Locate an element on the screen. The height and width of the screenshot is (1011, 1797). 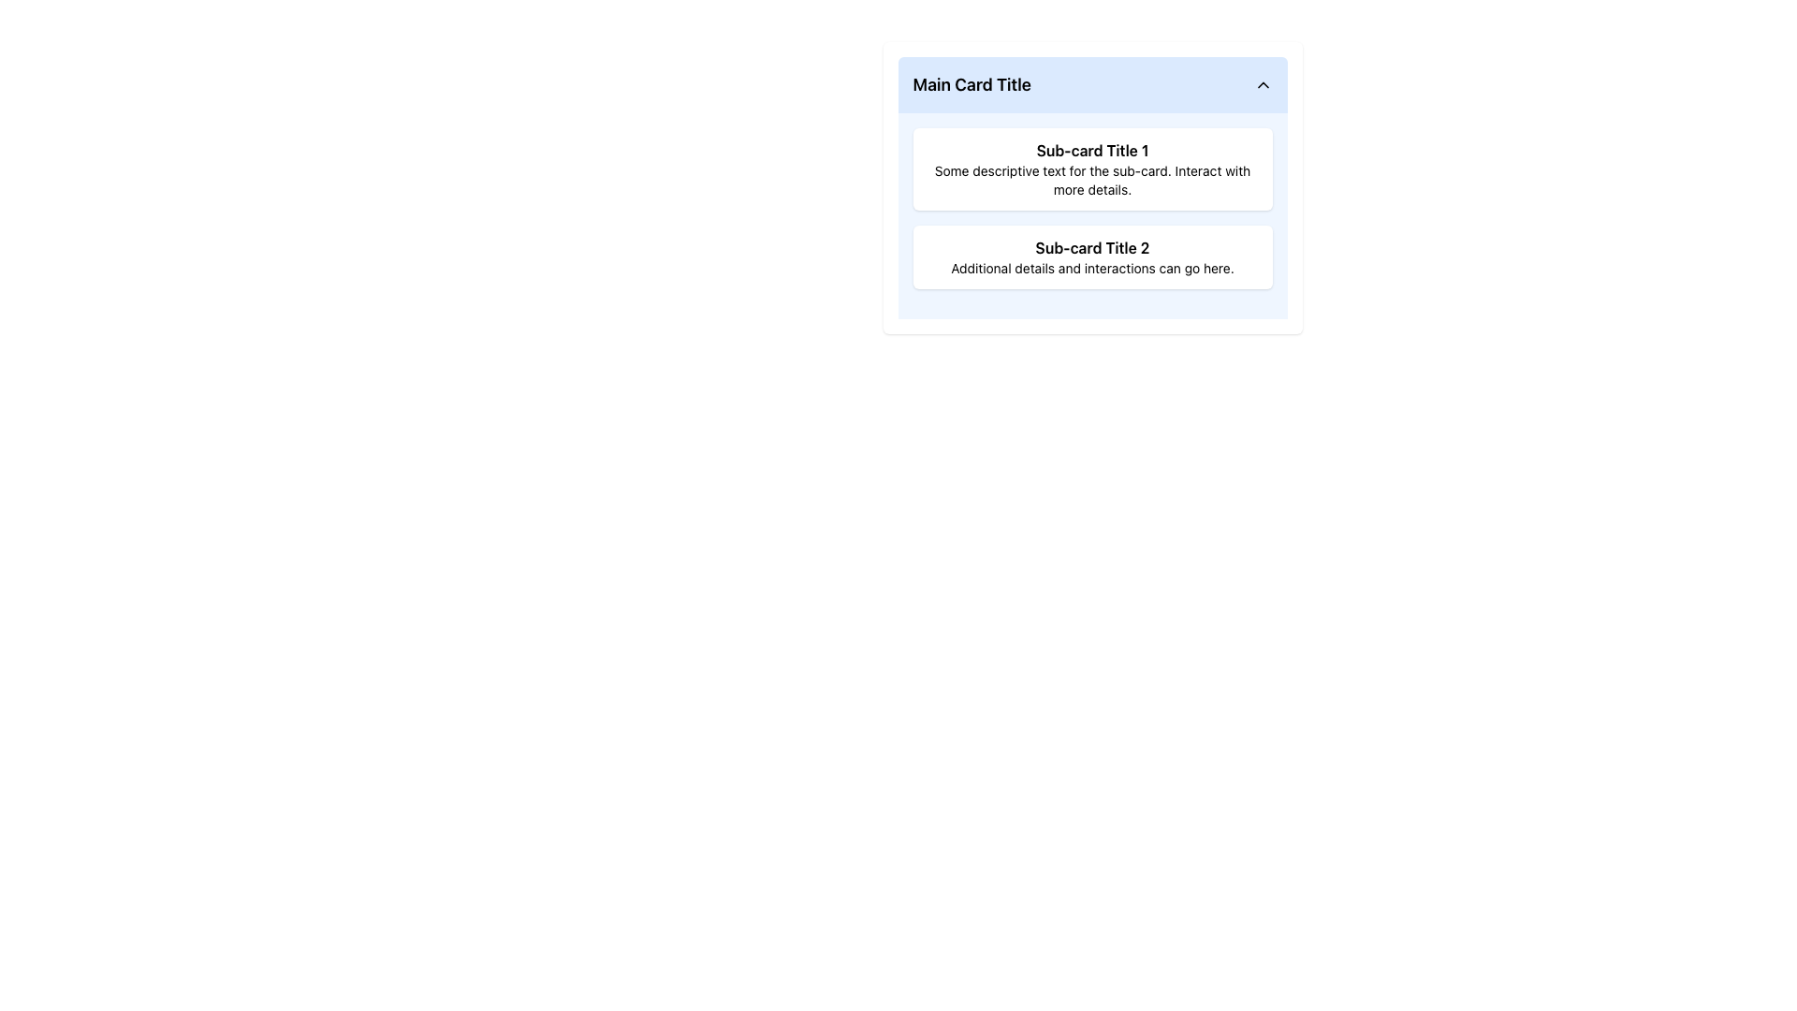
the Card component located beneath 'Sub-card Title 1' in the blue-toned card titled 'Main Card Title' is located at coordinates (1092, 256).